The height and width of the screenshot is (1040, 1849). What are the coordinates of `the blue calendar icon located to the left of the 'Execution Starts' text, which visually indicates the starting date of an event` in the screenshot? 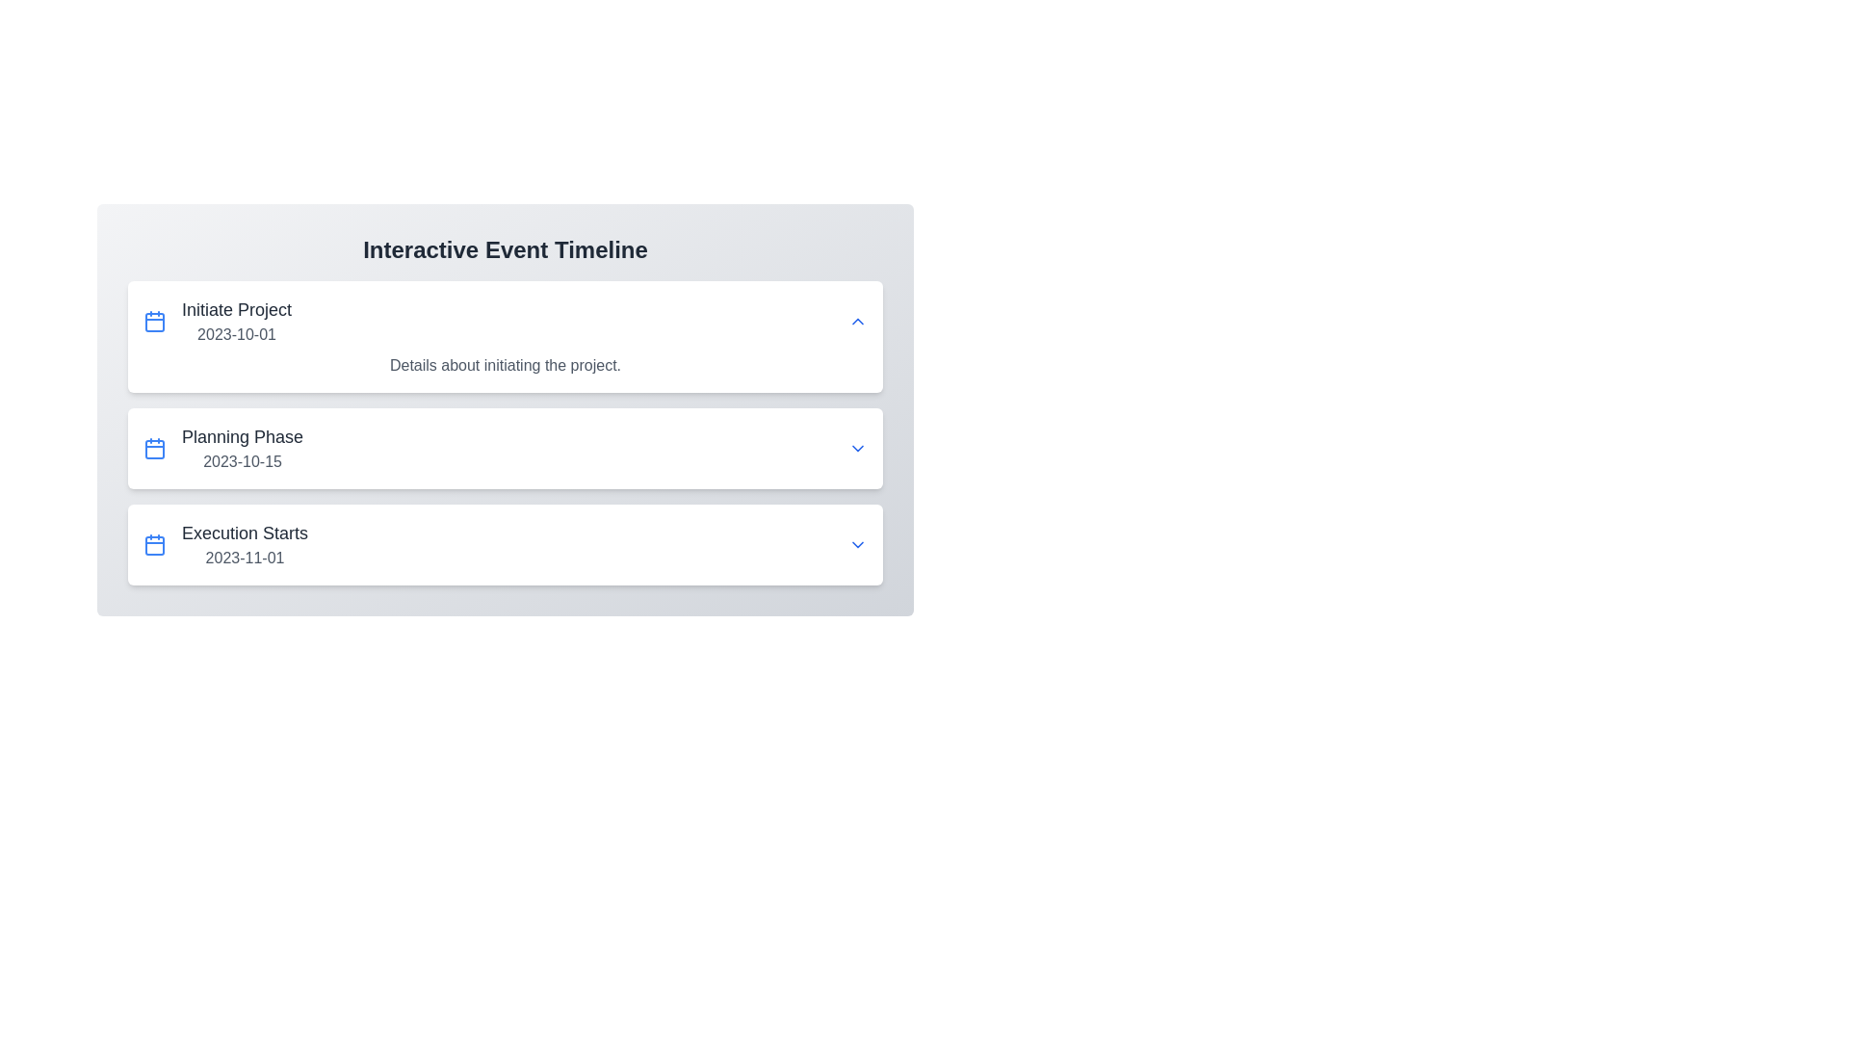 It's located at (155, 545).